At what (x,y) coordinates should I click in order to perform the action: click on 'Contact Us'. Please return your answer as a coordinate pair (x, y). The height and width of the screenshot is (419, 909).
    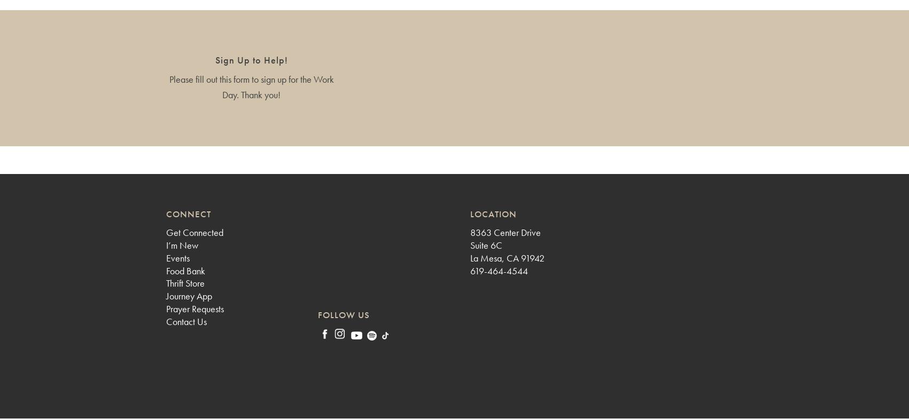
    Looking at the image, I should click on (186, 321).